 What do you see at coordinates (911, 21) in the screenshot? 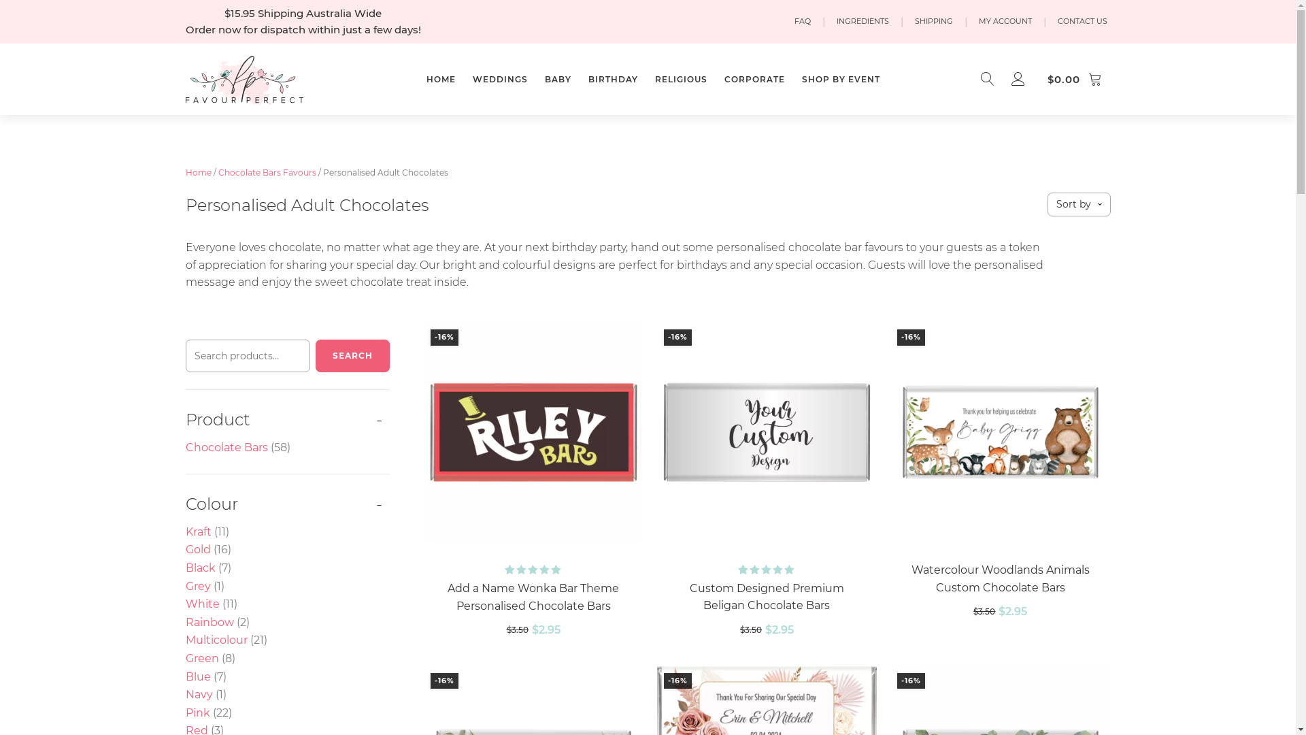
I see `'SHIPPING'` at bounding box center [911, 21].